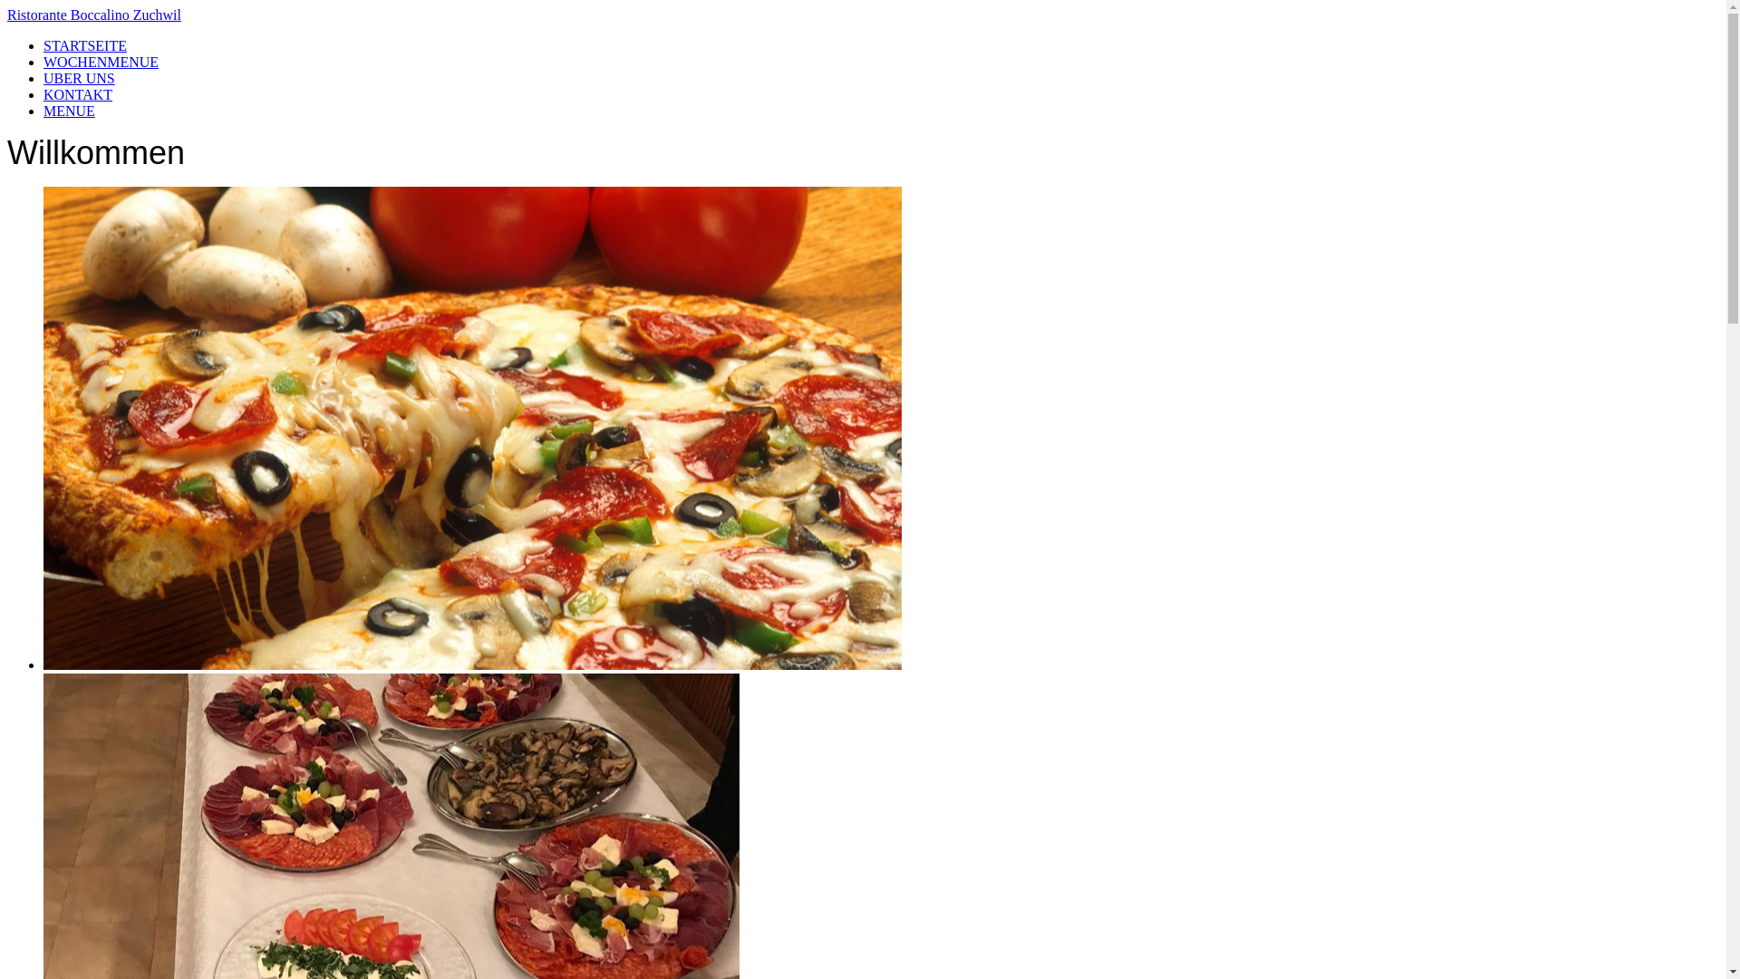  I want to click on 'WOCHENMENUE', so click(100, 61).